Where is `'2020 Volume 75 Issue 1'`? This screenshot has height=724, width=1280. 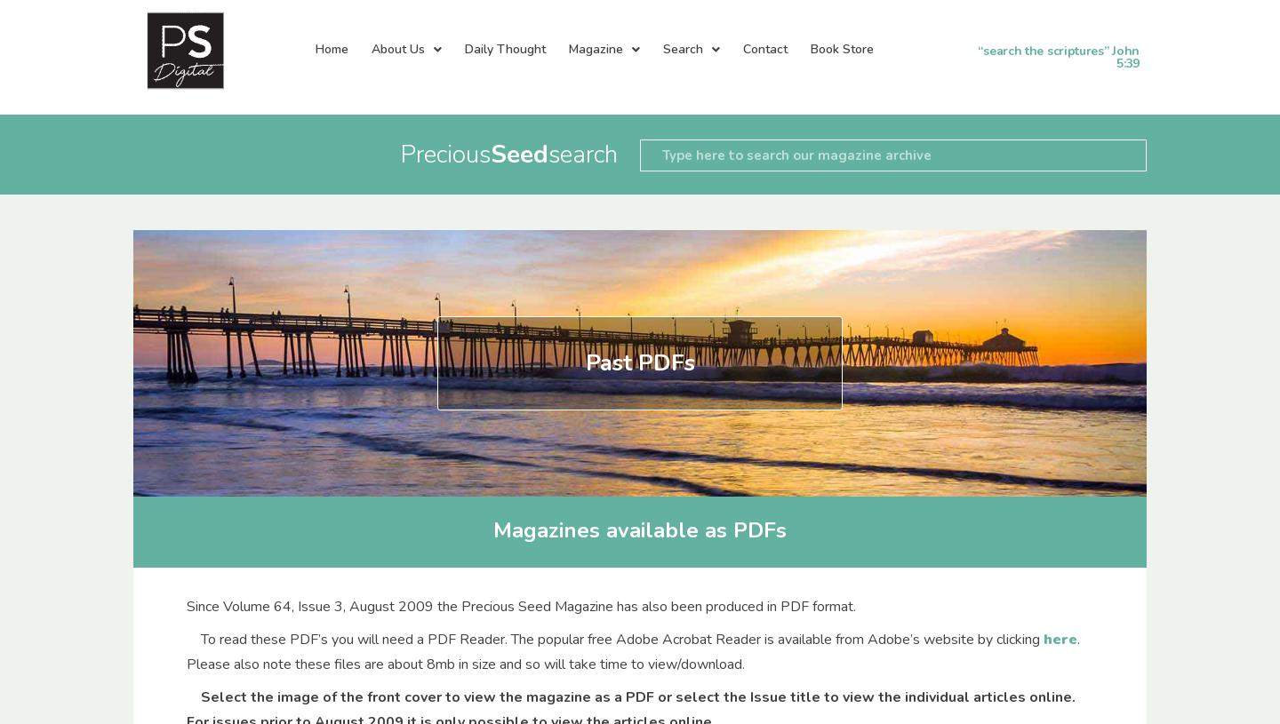
'2020 Volume 75 Issue 1' is located at coordinates (715, 675).